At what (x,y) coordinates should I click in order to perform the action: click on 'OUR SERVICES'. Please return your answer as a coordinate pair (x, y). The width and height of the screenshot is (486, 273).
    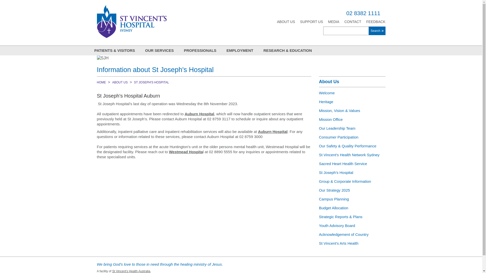
    Looking at the image, I should click on (159, 51).